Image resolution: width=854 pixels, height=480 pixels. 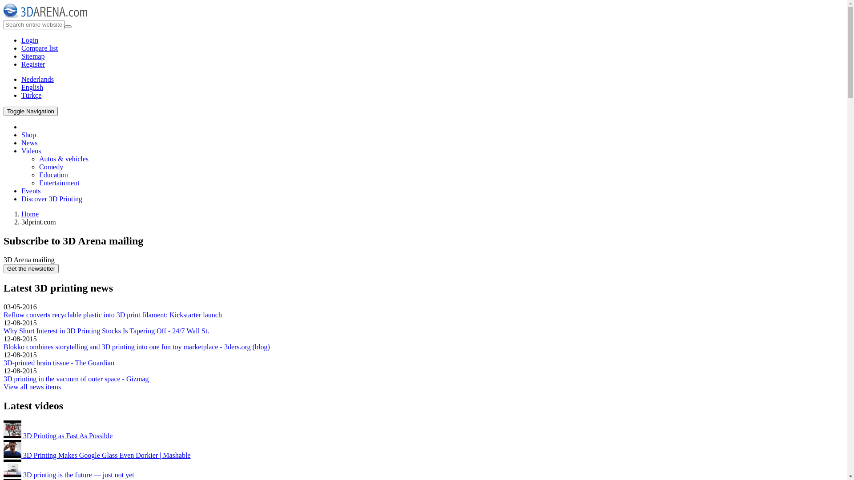 What do you see at coordinates (30, 214) in the screenshot?
I see `'Home'` at bounding box center [30, 214].